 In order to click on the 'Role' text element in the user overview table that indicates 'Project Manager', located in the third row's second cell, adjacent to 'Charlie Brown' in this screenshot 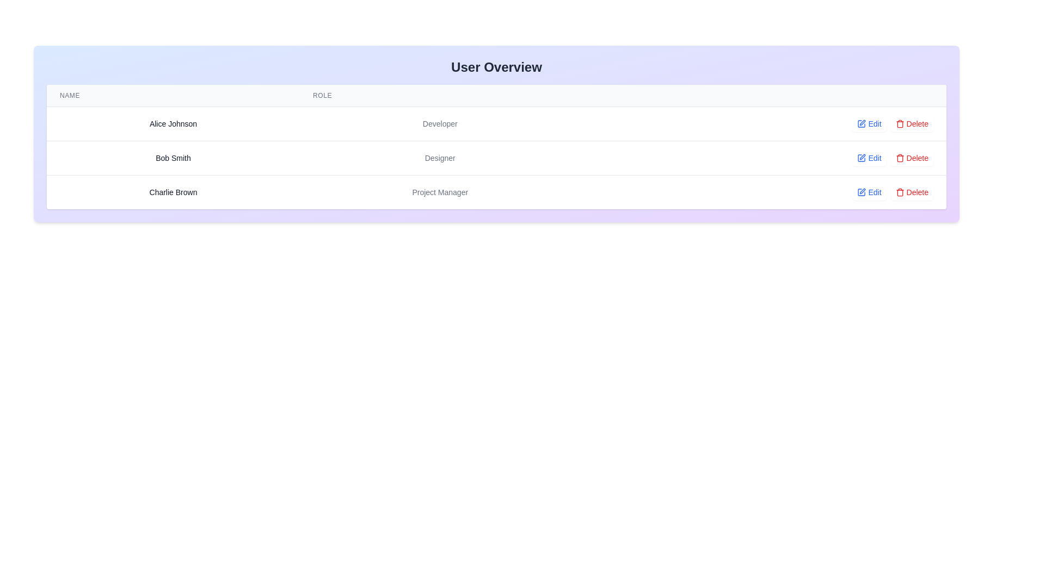, I will do `click(440, 191)`.